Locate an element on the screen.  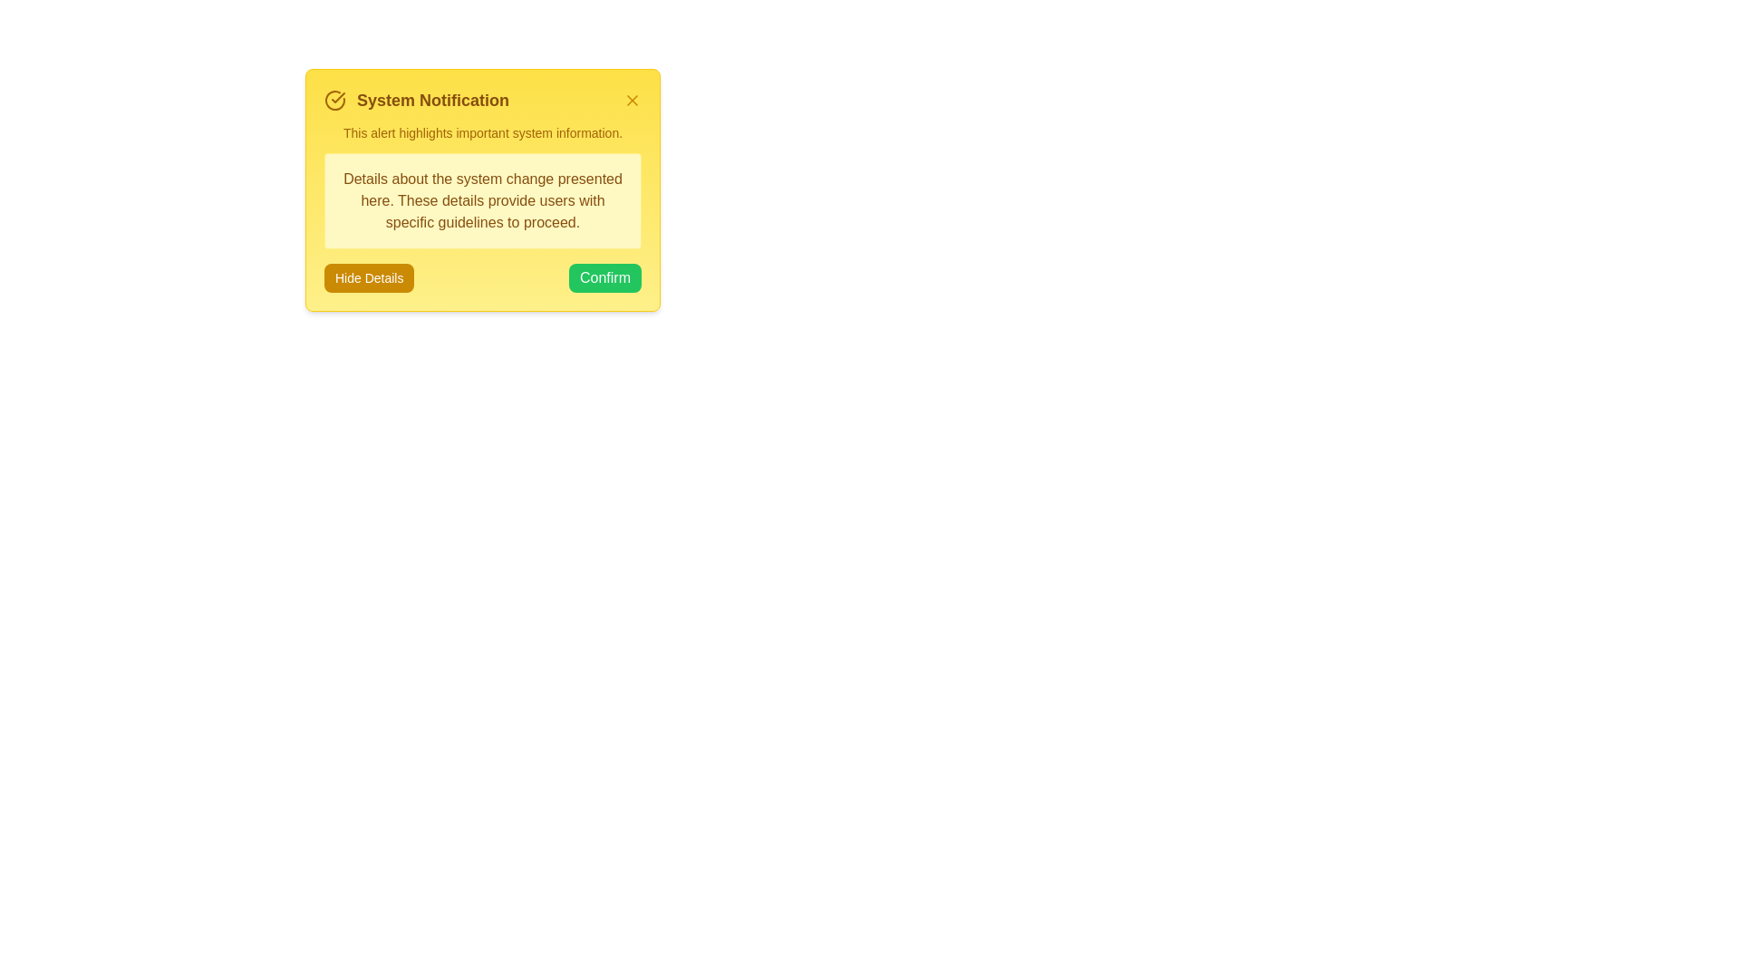
close button to dismiss the alert is located at coordinates (632, 101).